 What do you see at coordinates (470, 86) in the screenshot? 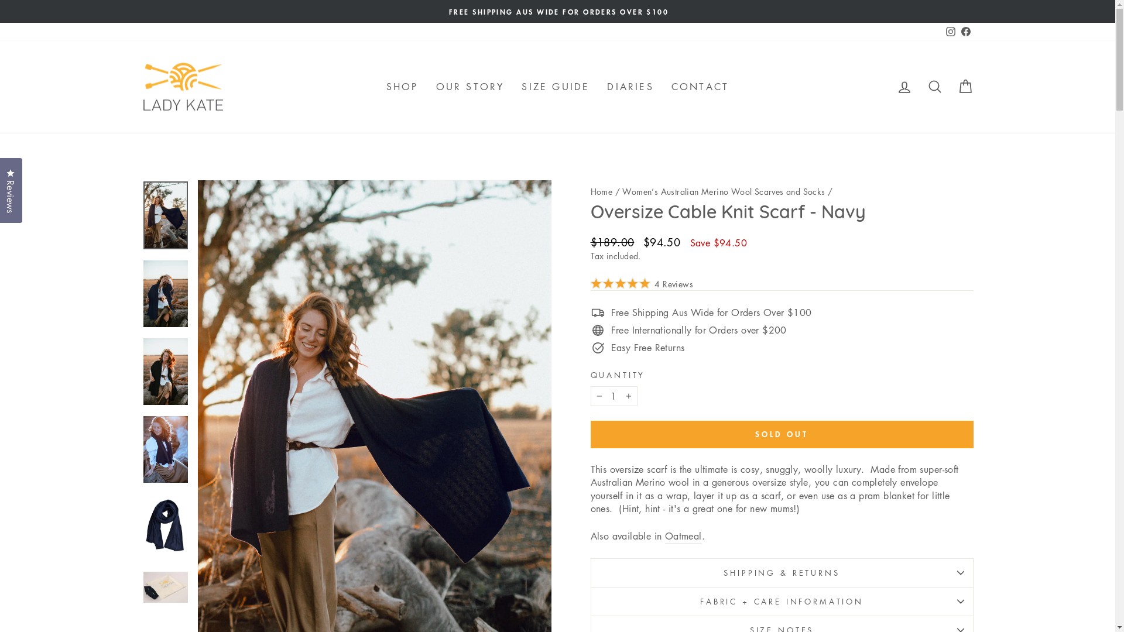
I see `'OUR STORY'` at bounding box center [470, 86].